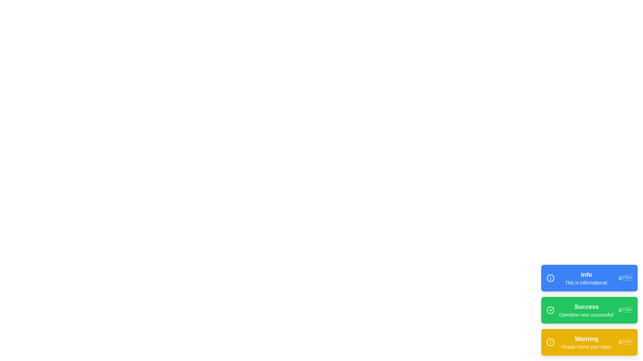  What do you see at coordinates (589, 278) in the screenshot?
I see `the first notification card, which has a blue background, white text, and features an 'Info' title at the top` at bounding box center [589, 278].